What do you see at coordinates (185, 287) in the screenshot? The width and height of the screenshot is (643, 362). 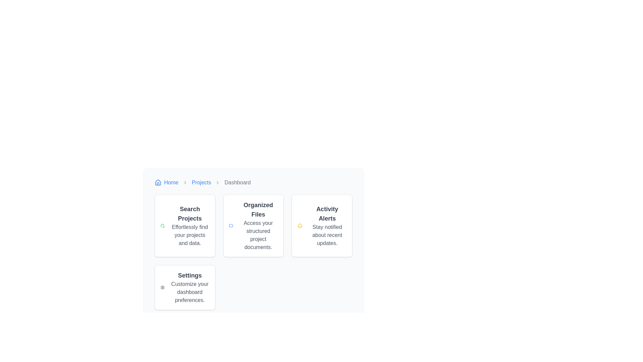 I see `the 'Settings' informational card located in the bottom-left position of the grid layout to interpret the information` at bounding box center [185, 287].